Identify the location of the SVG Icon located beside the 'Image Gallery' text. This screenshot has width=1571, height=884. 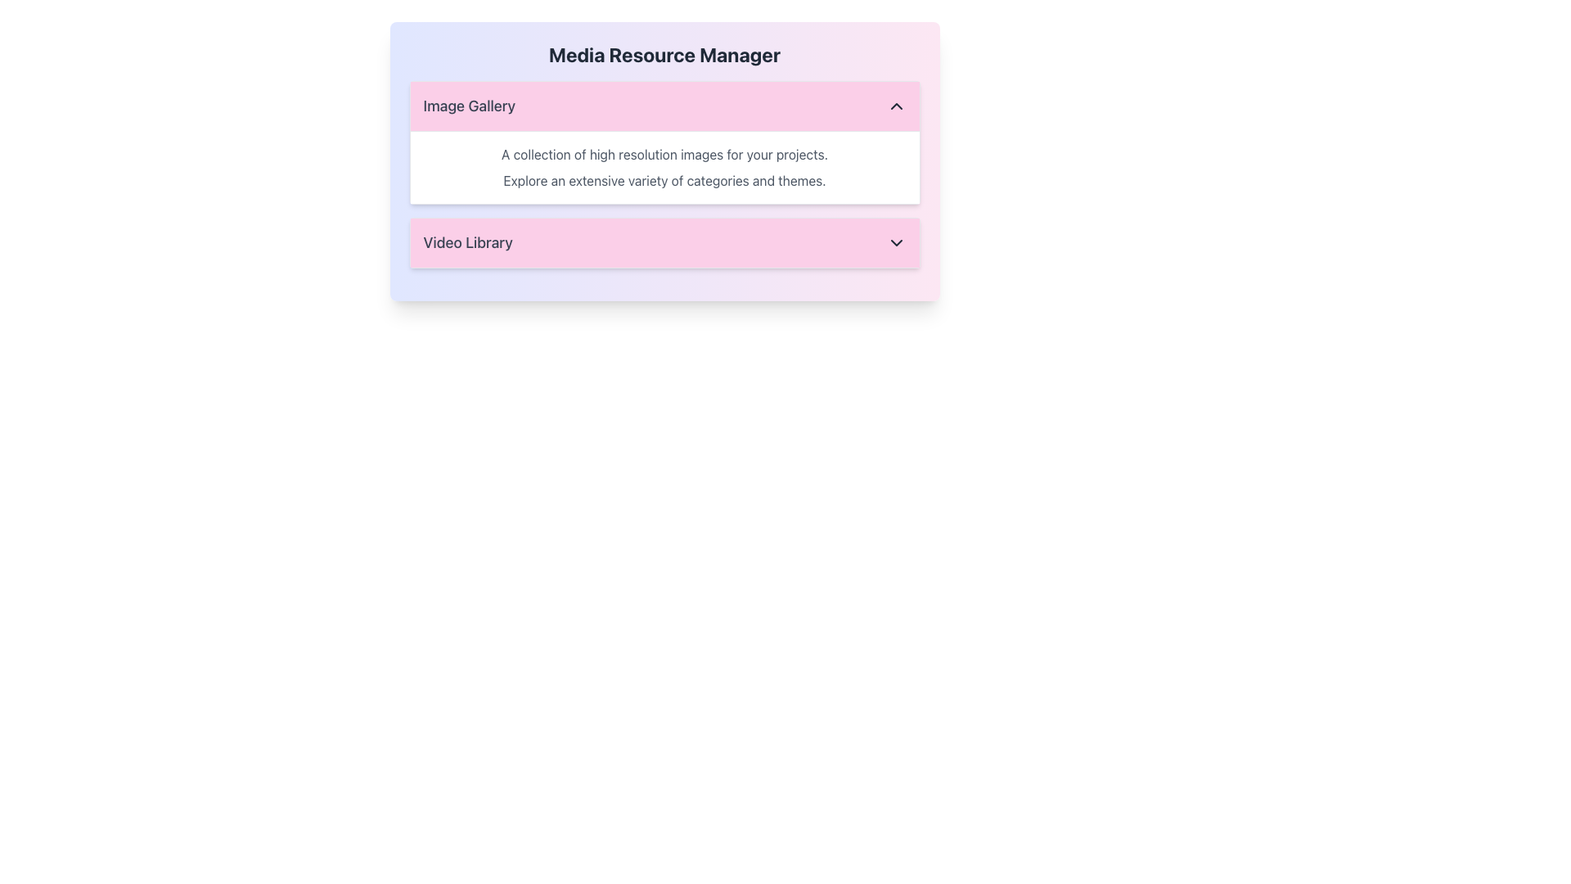
(895, 106).